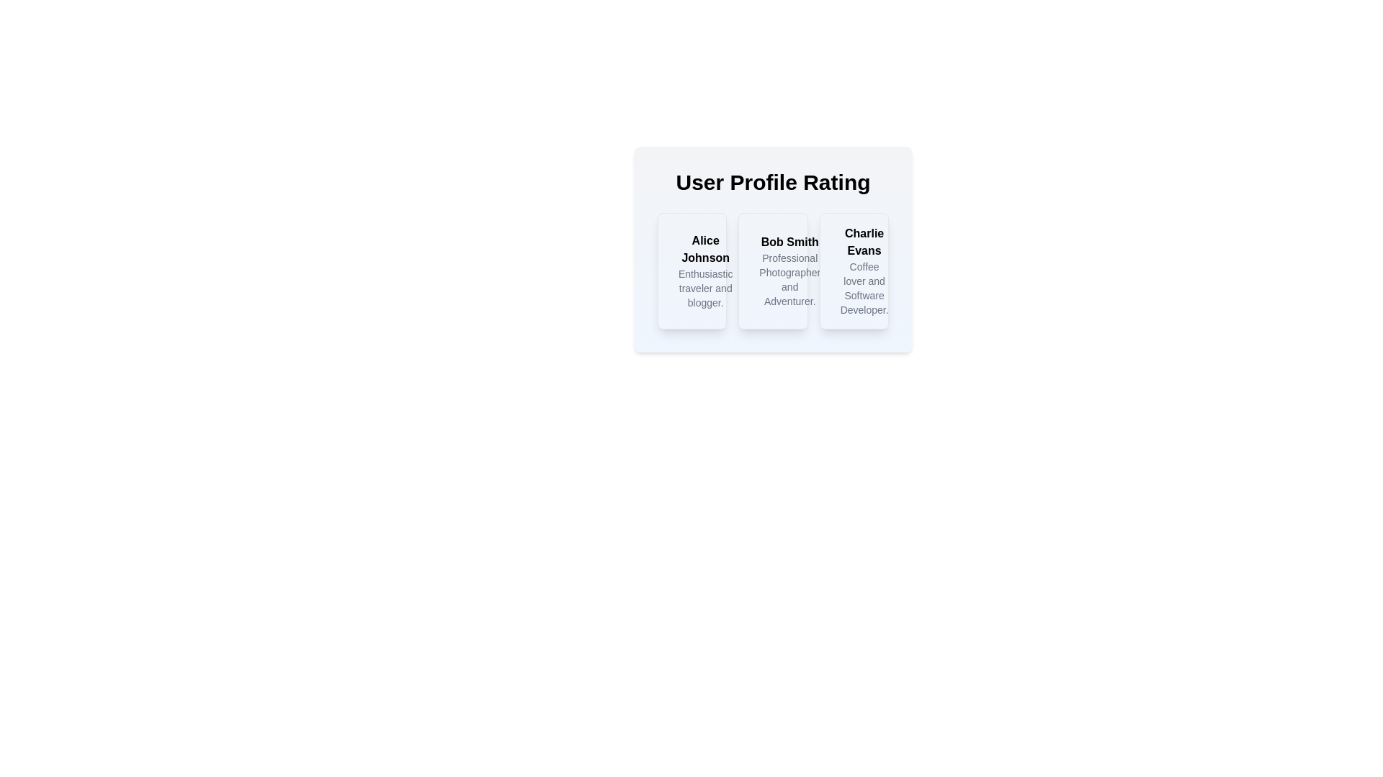 The width and height of the screenshot is (1383, 777). What do you see at coordinates (864, 241) in the screenshot?
I see `displayed name 'Charlie Evans' from the text label located at the top section of the third card from the left` at bounding box center [864, 241].